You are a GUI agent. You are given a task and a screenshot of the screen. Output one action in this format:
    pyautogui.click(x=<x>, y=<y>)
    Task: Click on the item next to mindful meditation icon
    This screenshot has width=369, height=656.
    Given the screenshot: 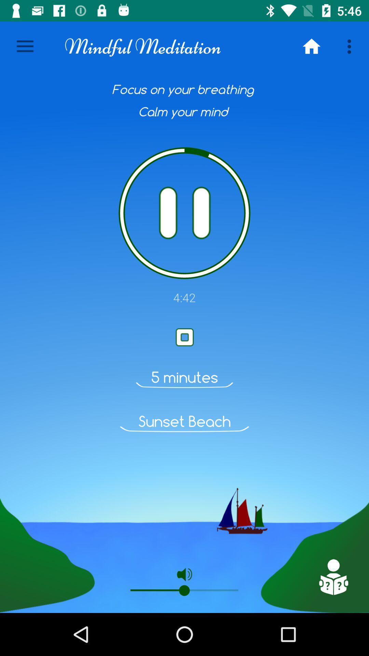 What is the action you would take?
    pyautogui.click(x=311, y=46)
    